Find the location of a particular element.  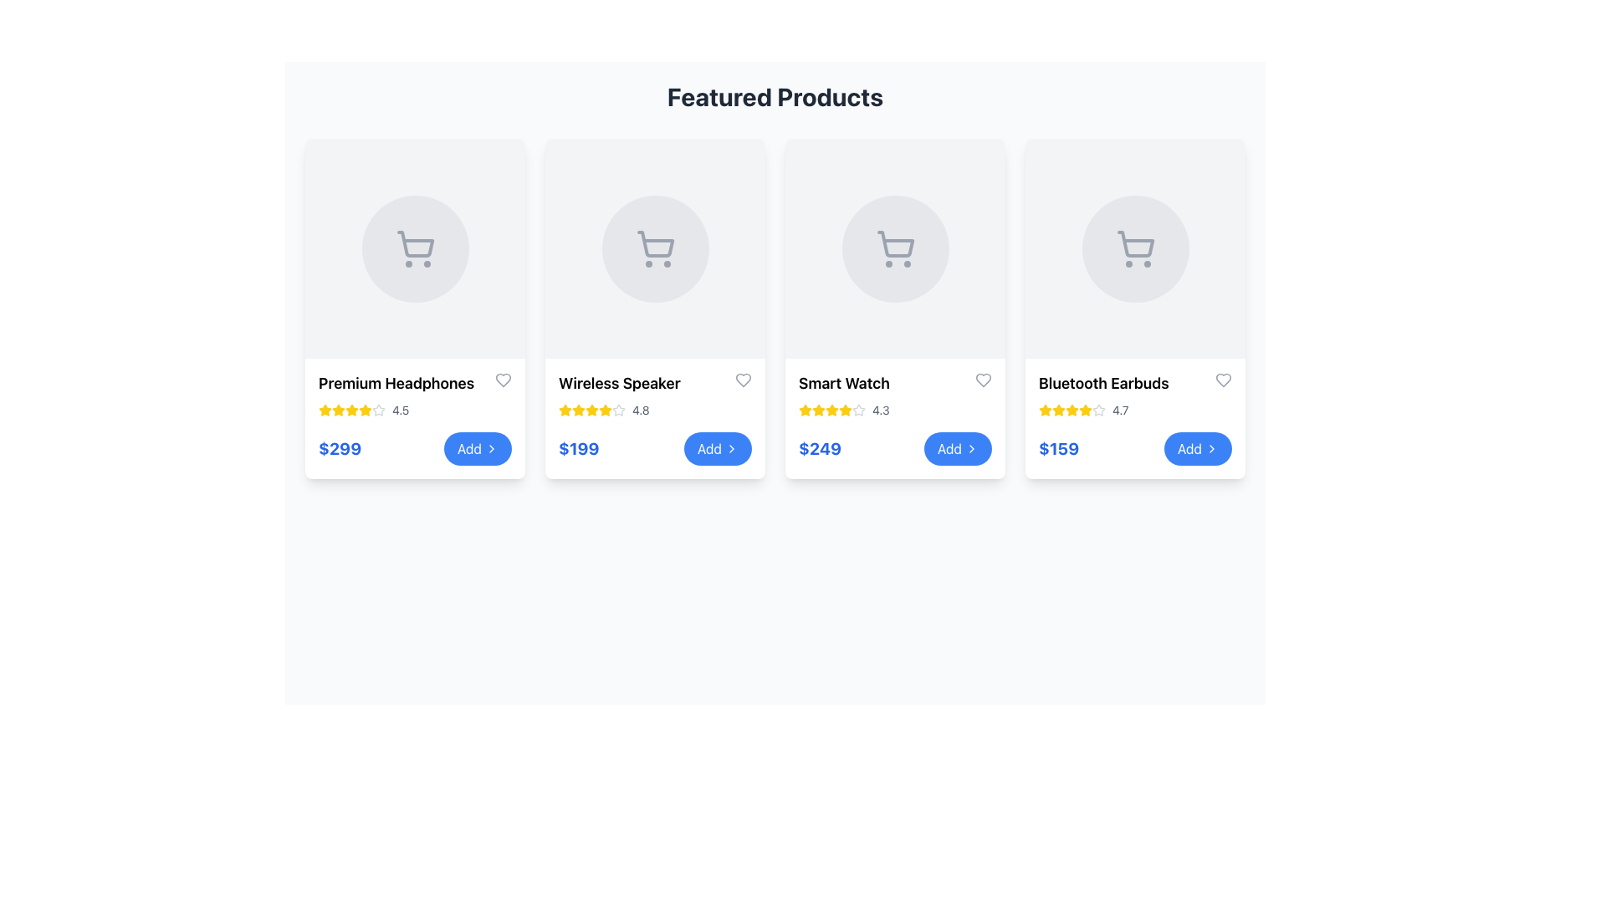

the fourth yellow star icon in the rating stars sequence located beneath the title 'Premium Headphones' is located at coordinates (351, 410).